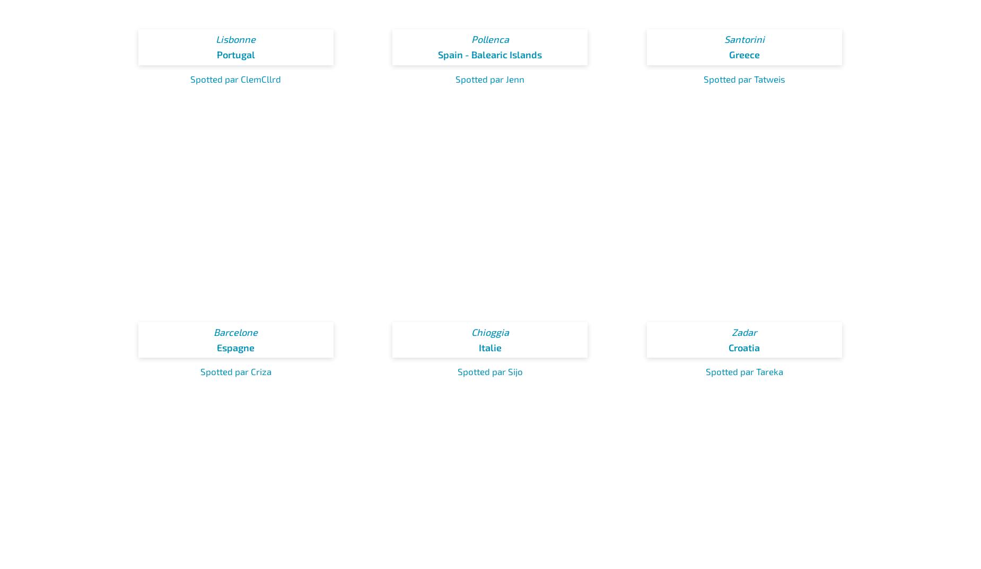  What do you see at coordinates (744, 332) in the screenshot?
I see `'Zadar'` at bounding box center [744, 332].